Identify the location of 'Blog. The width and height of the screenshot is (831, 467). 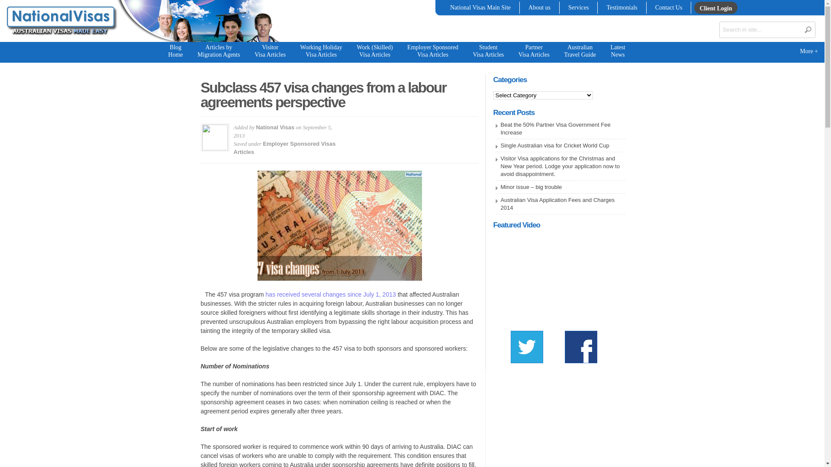
(175, 51).